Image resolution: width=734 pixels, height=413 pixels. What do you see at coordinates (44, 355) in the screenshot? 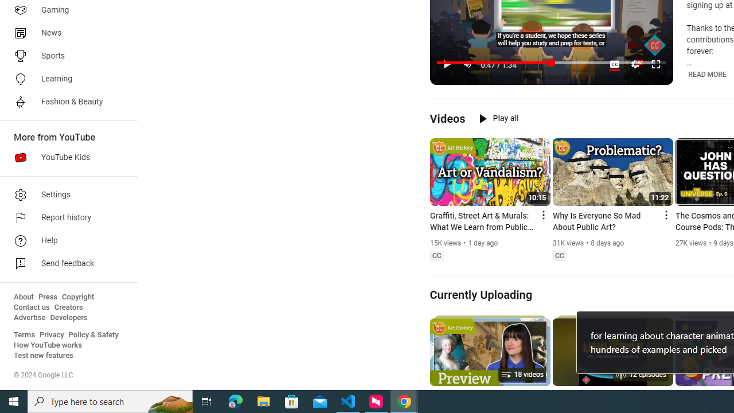
I see `'Test new features'` at bounding box center [44, 355].